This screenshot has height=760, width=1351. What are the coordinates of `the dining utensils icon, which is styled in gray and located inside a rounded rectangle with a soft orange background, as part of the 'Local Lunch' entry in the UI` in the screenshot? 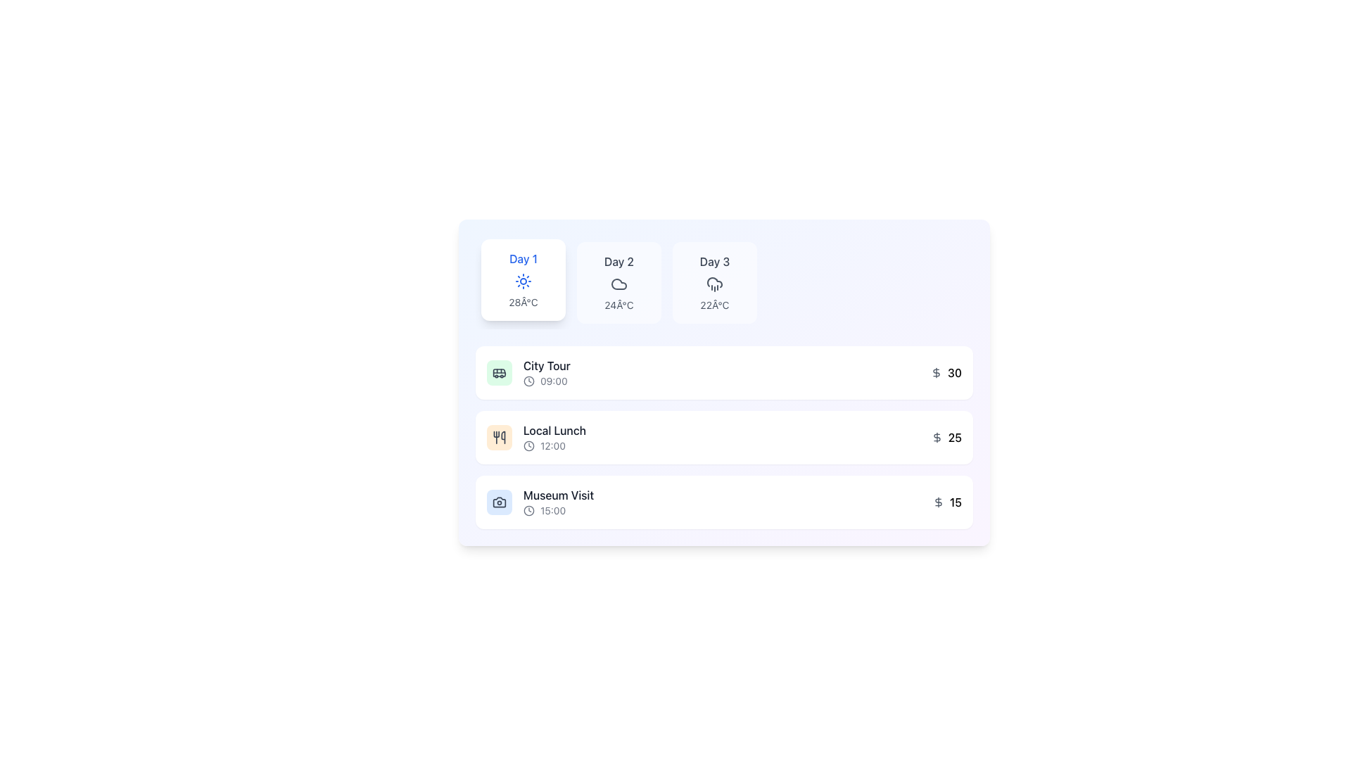 It's located at (500, 436).